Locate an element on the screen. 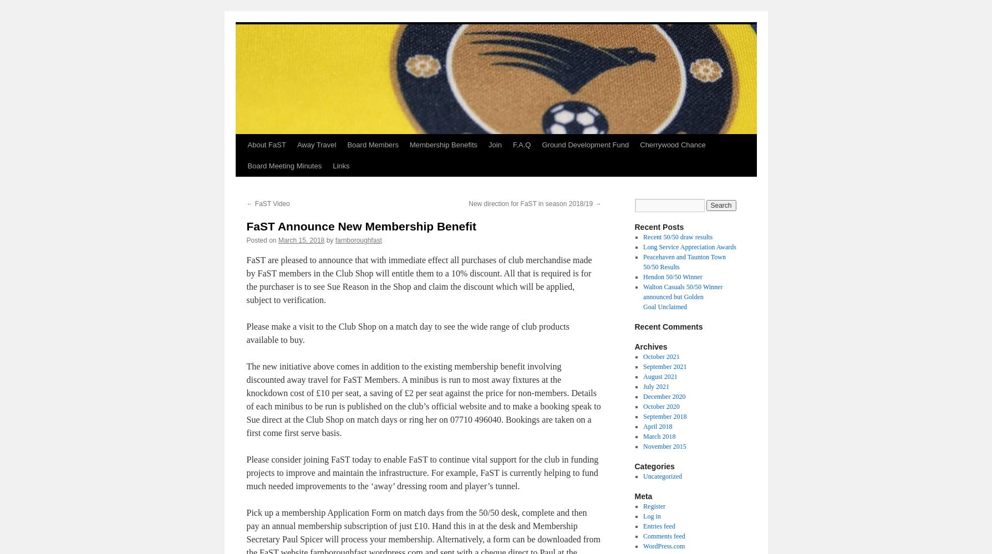 Image resolution: width=992 pixels, height=554 pixels. 'Comments feed' is located at coordinates (664, 536).